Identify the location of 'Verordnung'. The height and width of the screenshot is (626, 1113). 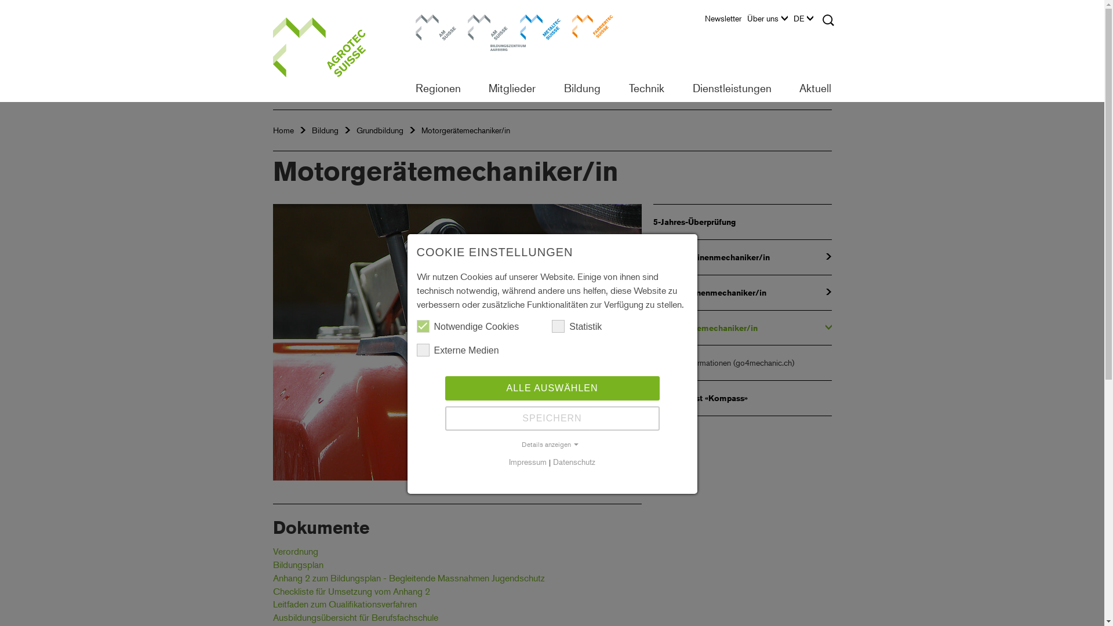
(294, 551).